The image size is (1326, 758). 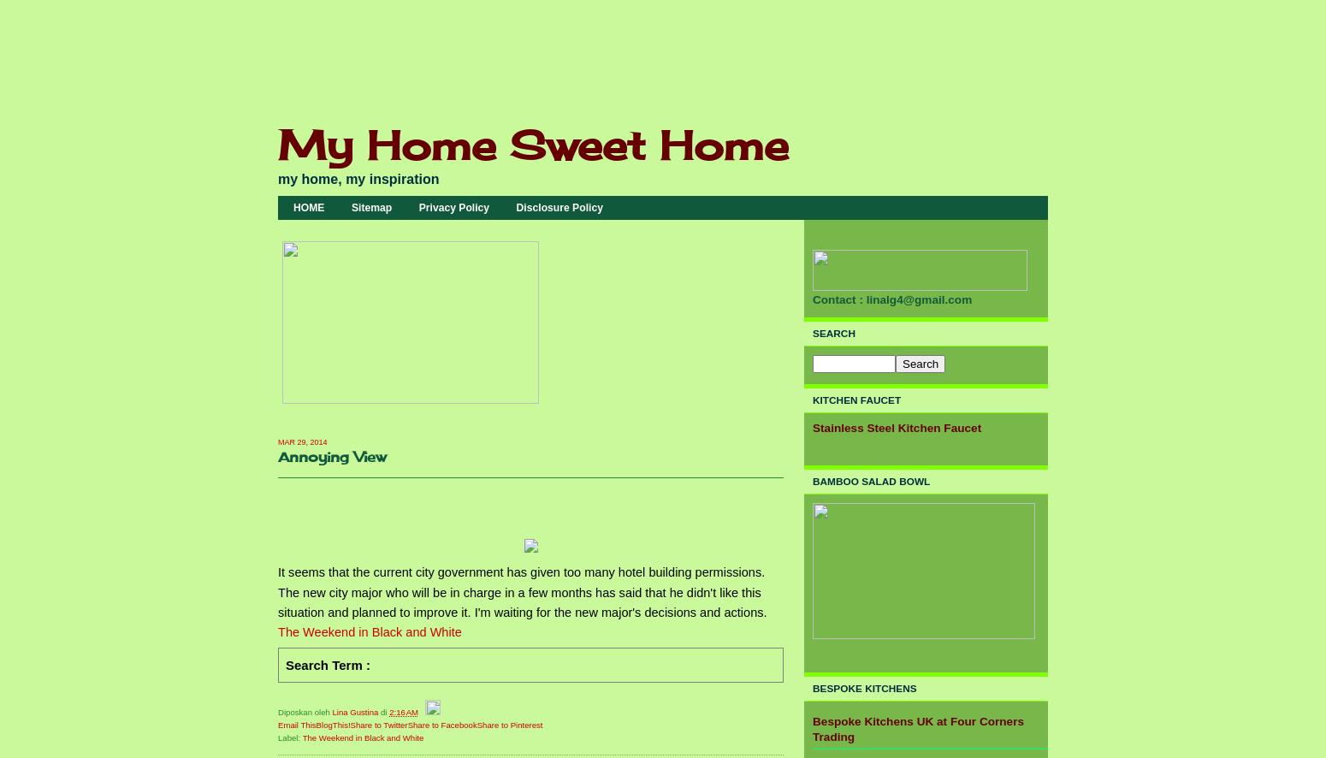 I want to click on 'BlogThis!', so click(x=333, y=723).